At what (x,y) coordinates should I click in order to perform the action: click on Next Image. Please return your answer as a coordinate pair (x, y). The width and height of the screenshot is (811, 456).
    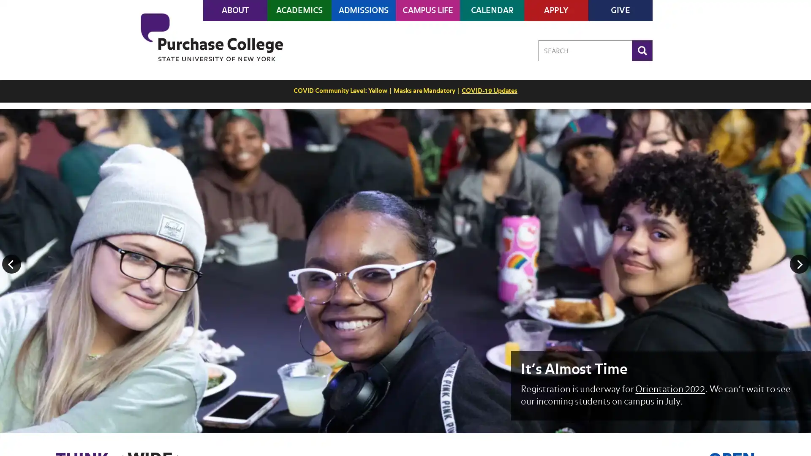
    Looking at the image, I should click on (799, 263).